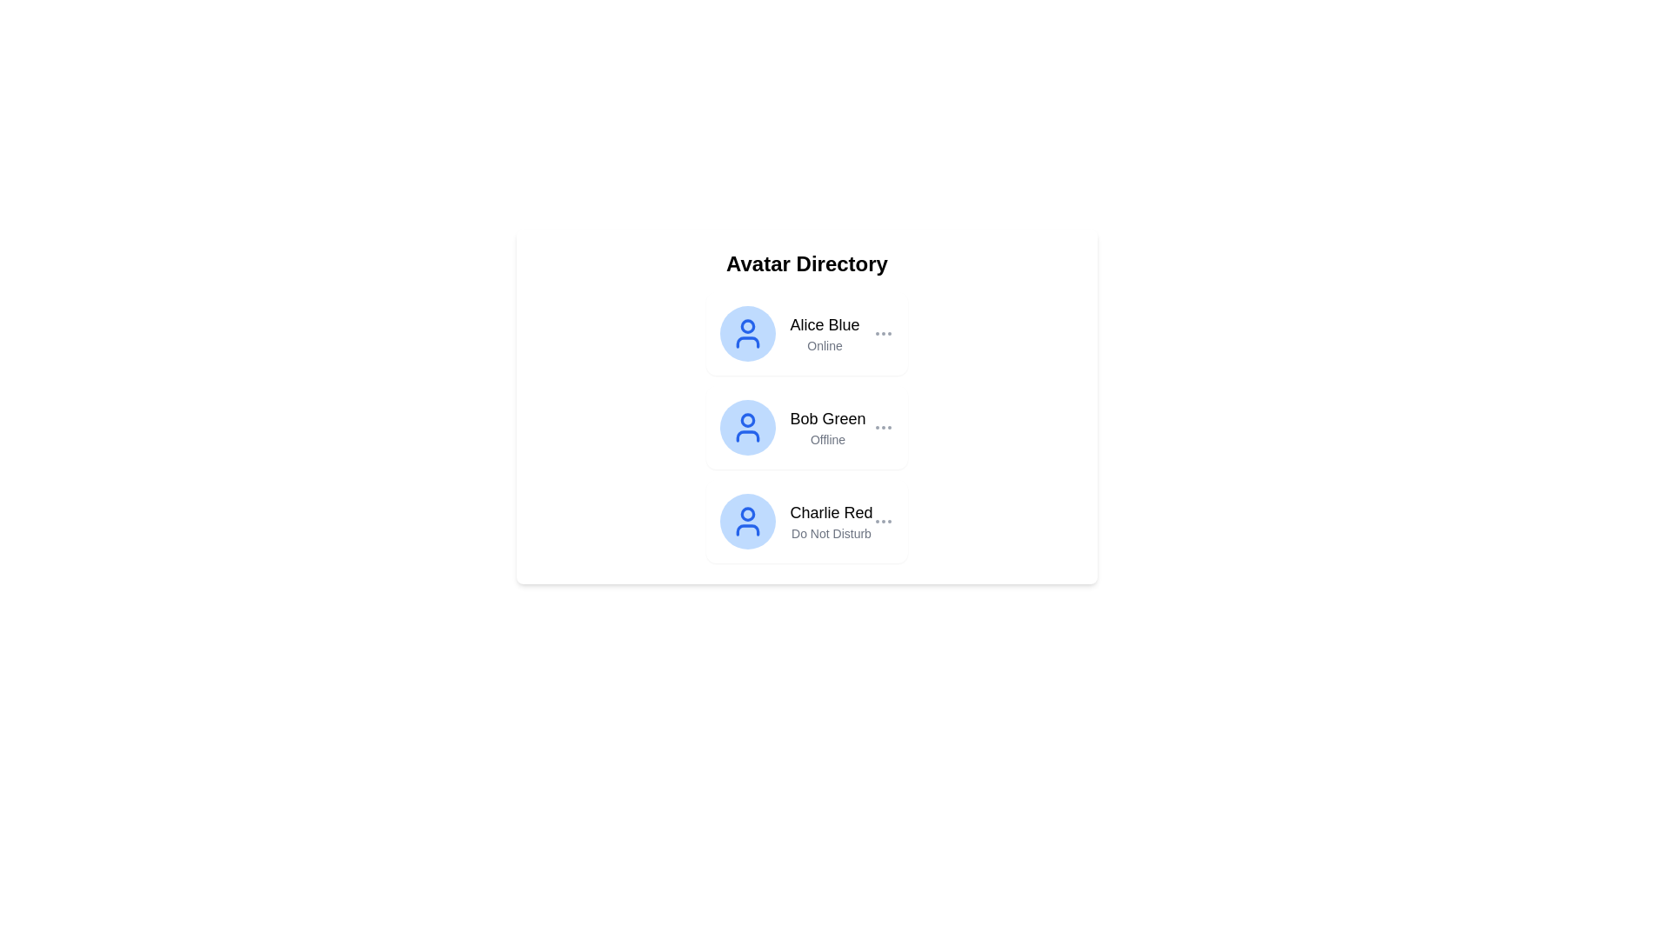 Image resolution: width=1670 pixels, height=939 pixels. I want to click on on the Avatar icon representing 'Bob Green', so click(748, 428).